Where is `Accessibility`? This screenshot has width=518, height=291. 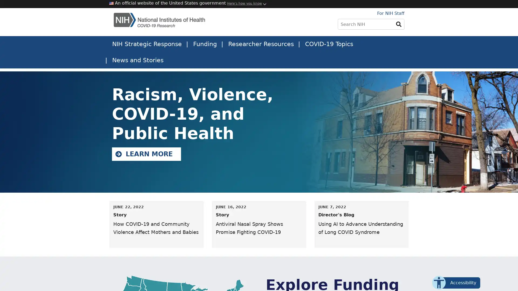
Accessibility is located at coordinates (458, 282).